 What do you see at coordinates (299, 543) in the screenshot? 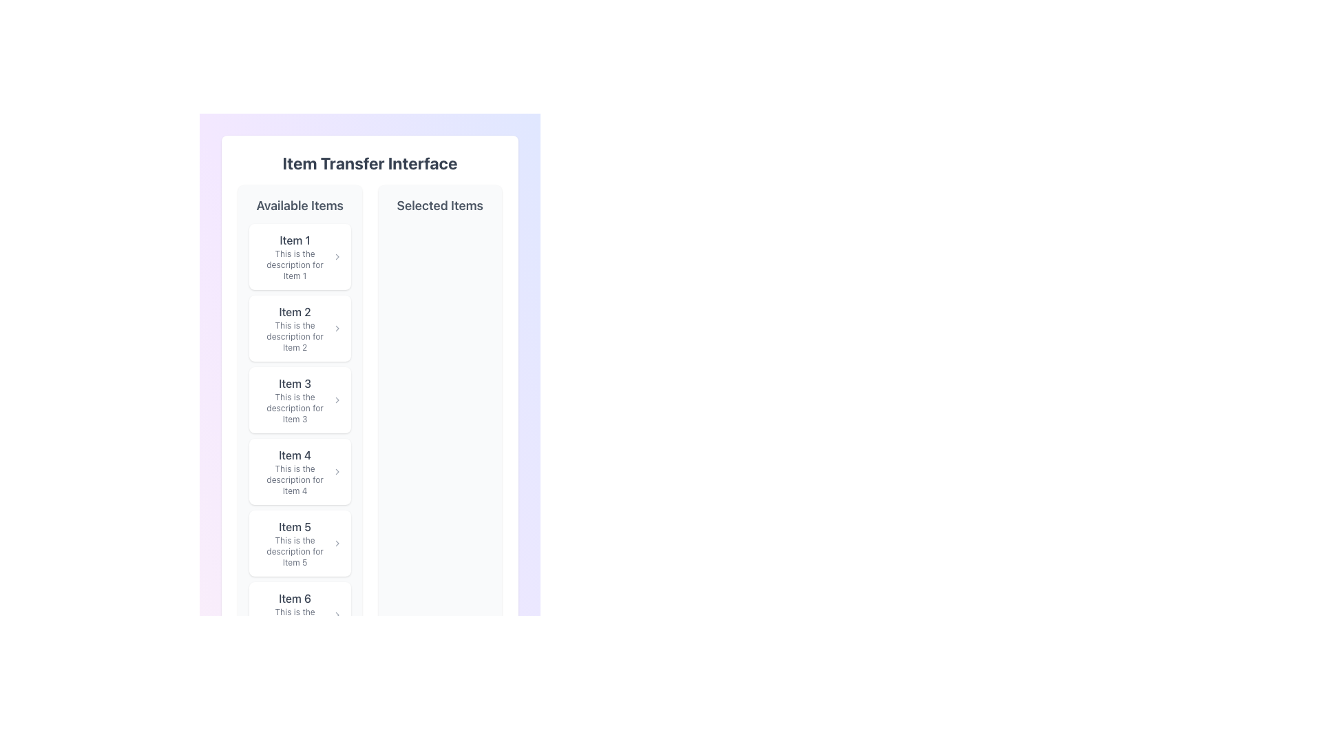
I see `the fifth item in the 'Available Items' list` at bounding box center [299, 543].